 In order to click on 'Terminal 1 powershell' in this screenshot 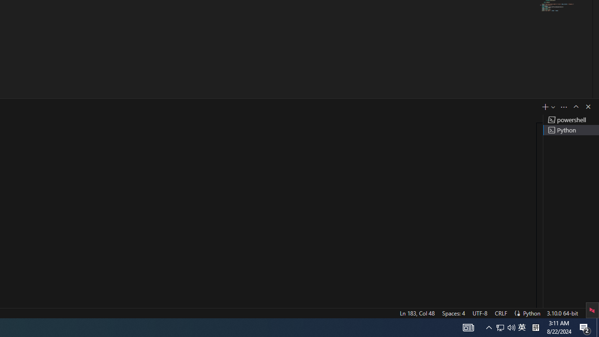, I will do `click(570, 119)`.